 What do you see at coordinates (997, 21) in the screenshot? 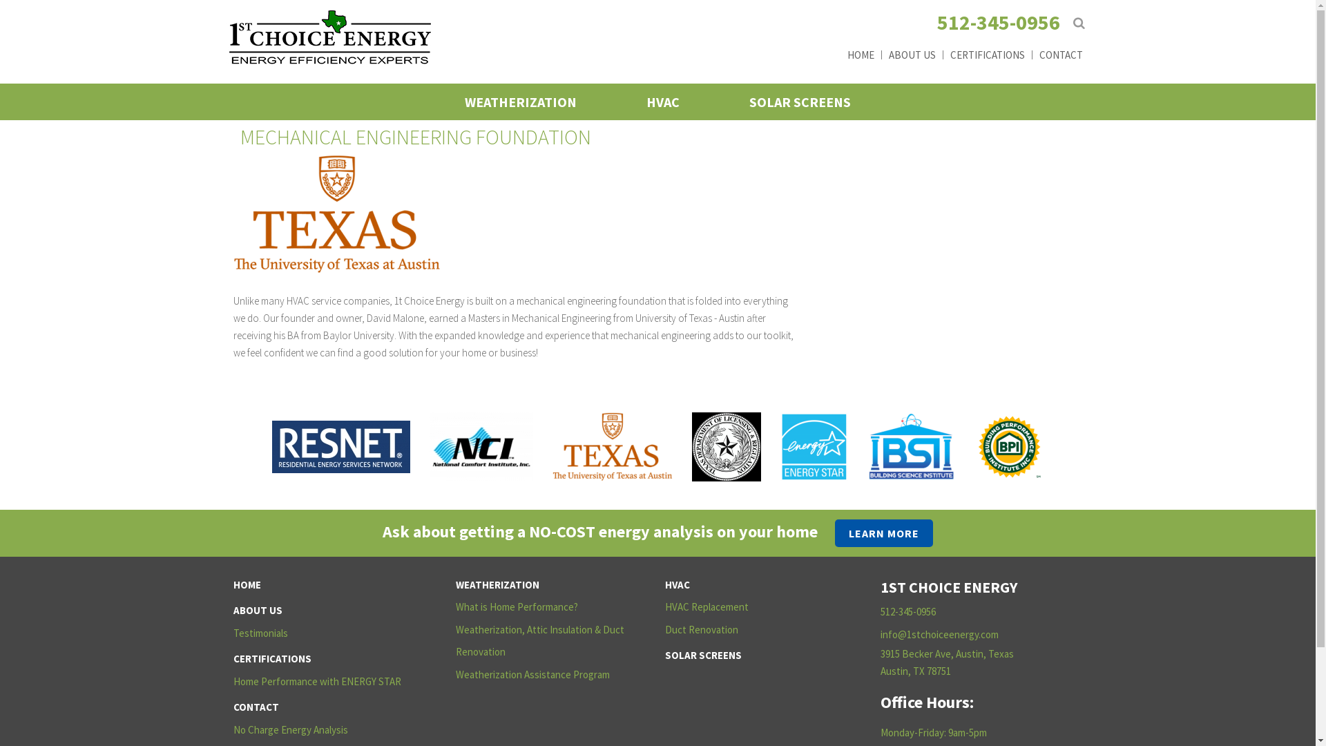
I see `'512-345-0956'` at bounding box center [997, 21].